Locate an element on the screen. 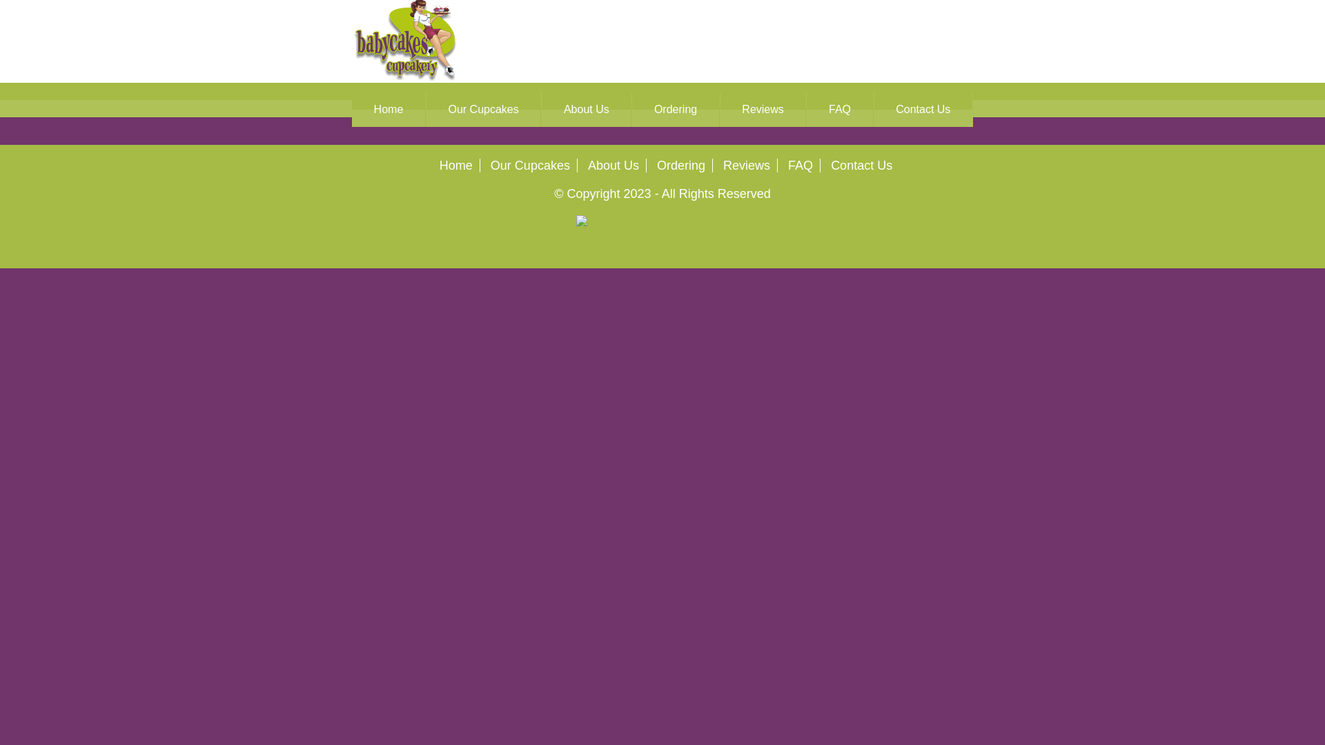 This screenshot has height=745, width=1325. 'Our Cupcakes' is located at coordinates (483, 108).